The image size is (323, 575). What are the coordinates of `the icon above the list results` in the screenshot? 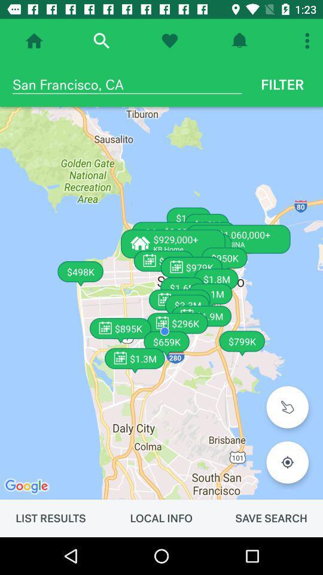 It's located at (161, 302).